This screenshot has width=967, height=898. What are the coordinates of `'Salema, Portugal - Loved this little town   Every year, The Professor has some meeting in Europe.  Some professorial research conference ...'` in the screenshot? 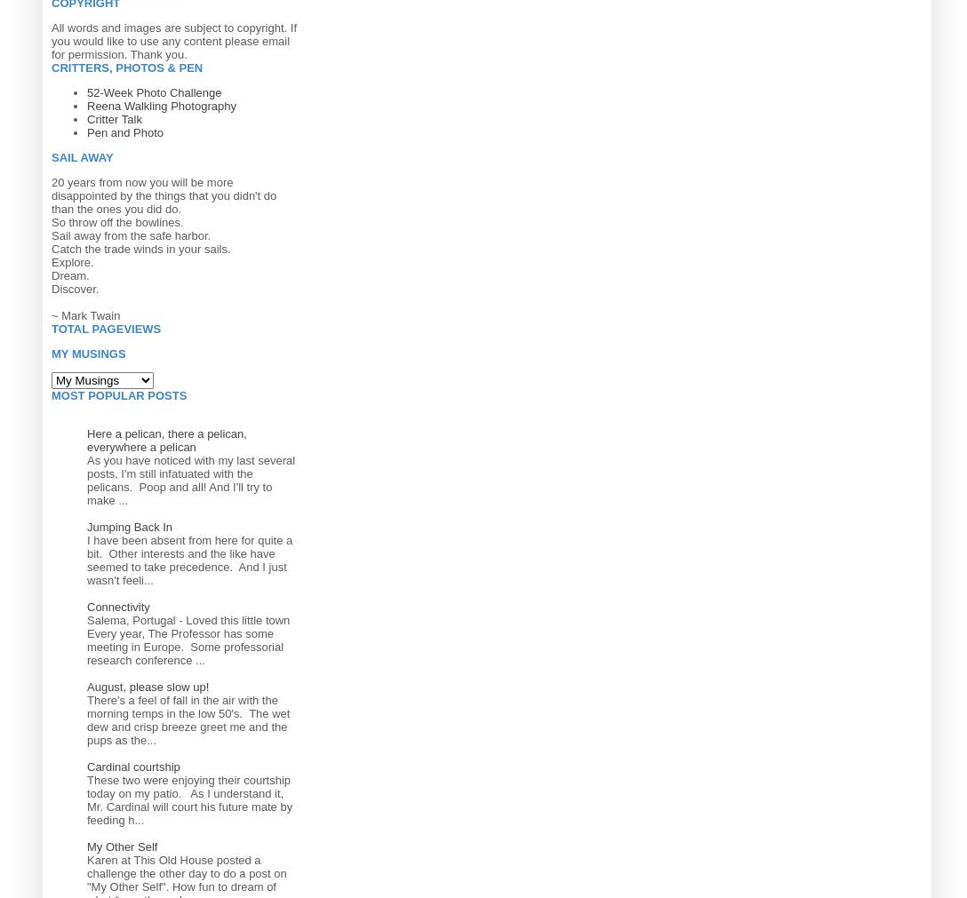 It's located at (188, 639).